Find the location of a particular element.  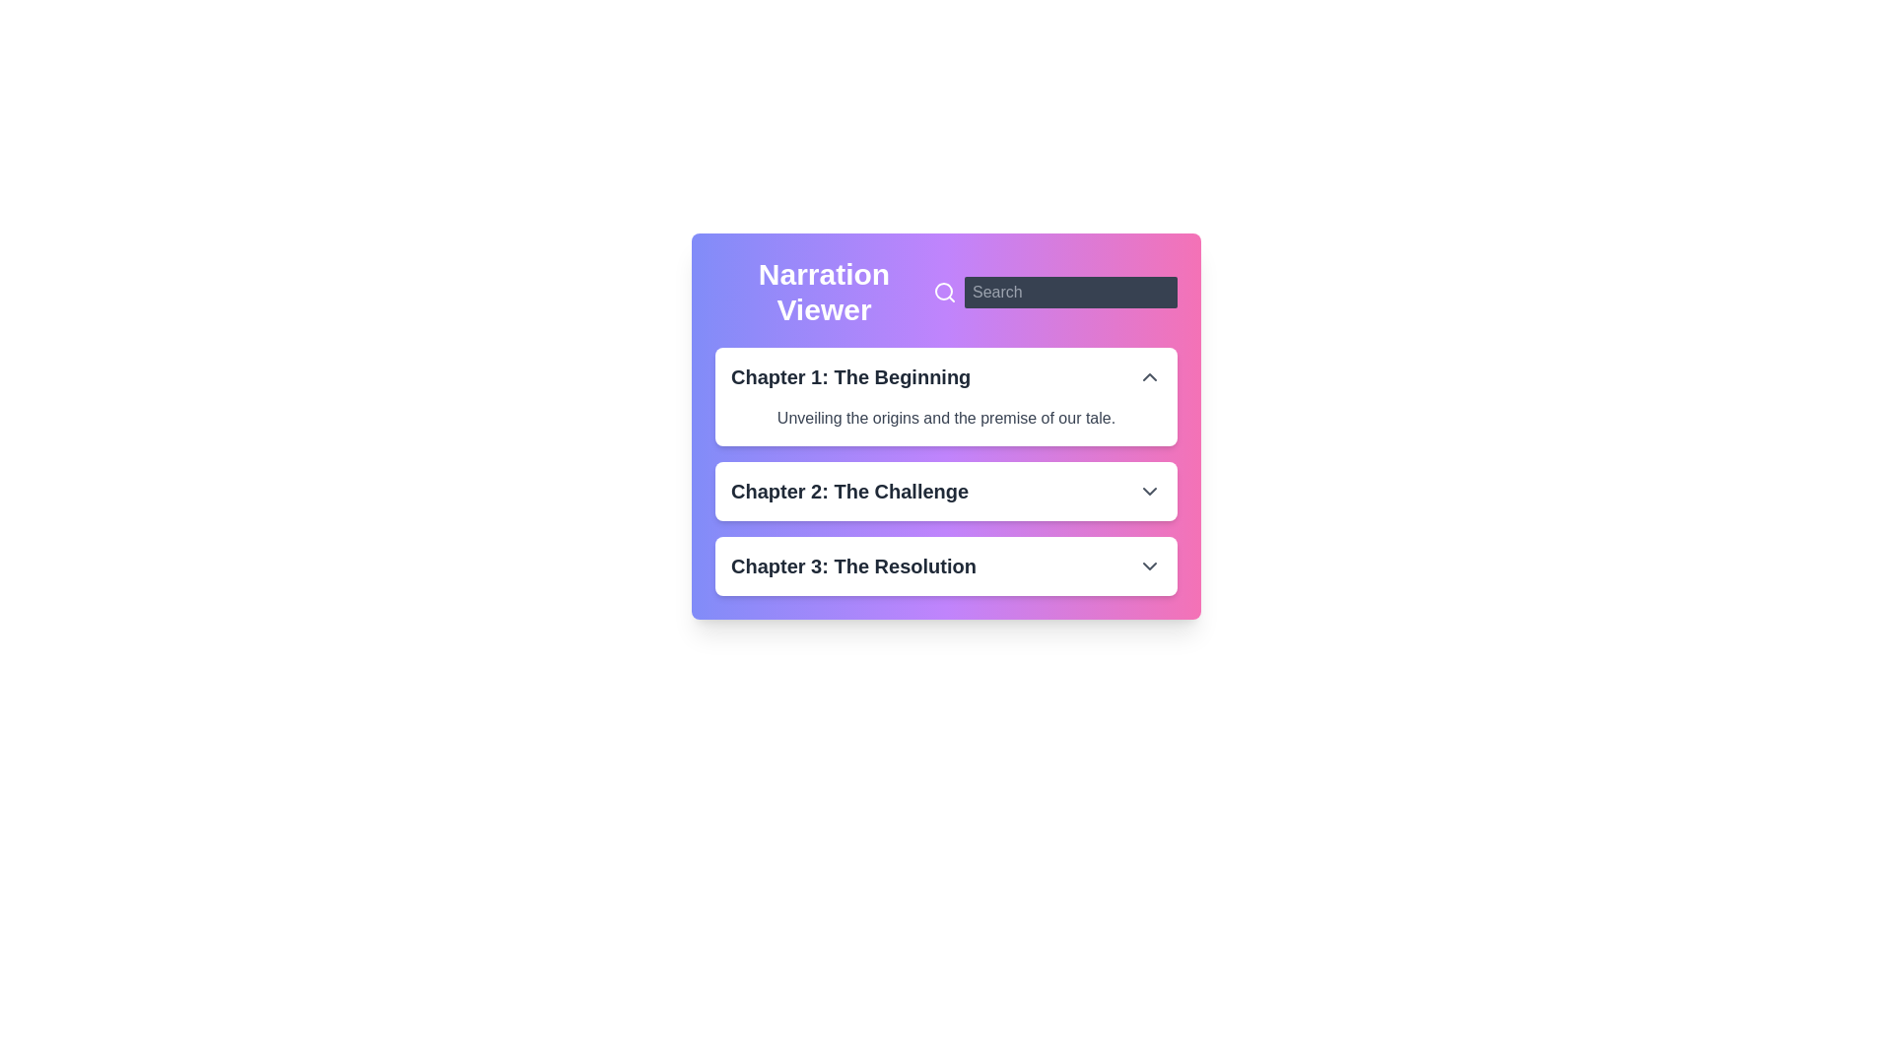

the Expandable list item labeled 'Chapter 2: The Challenge' is located at coordinates (946, 490).